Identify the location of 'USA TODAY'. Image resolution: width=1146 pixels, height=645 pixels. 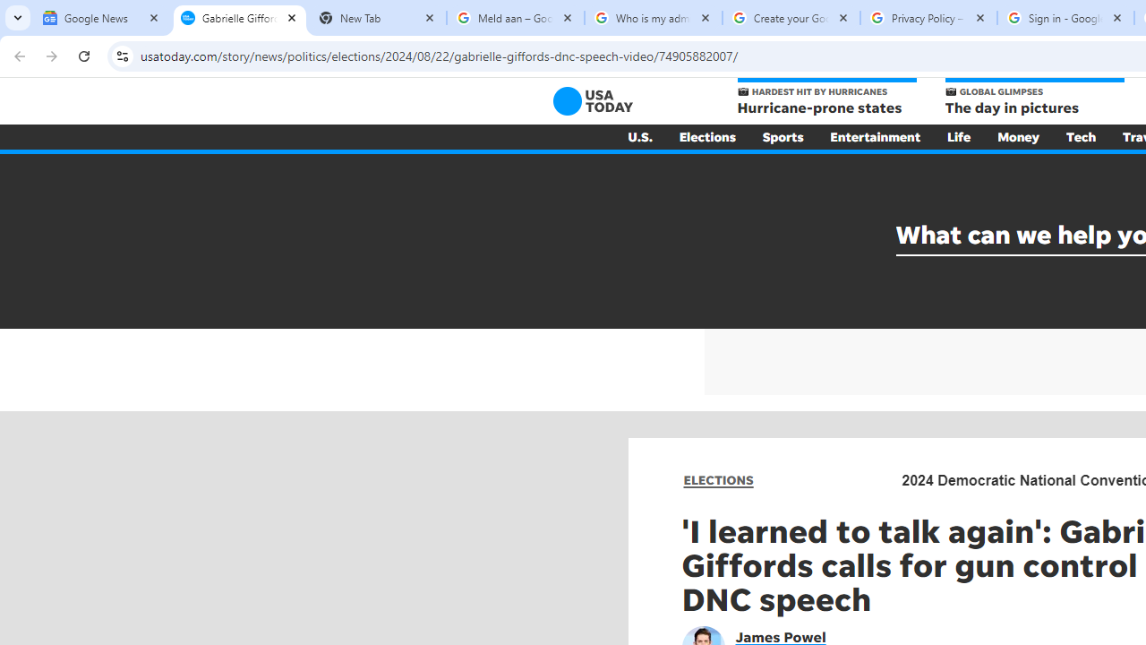
(592, 101).